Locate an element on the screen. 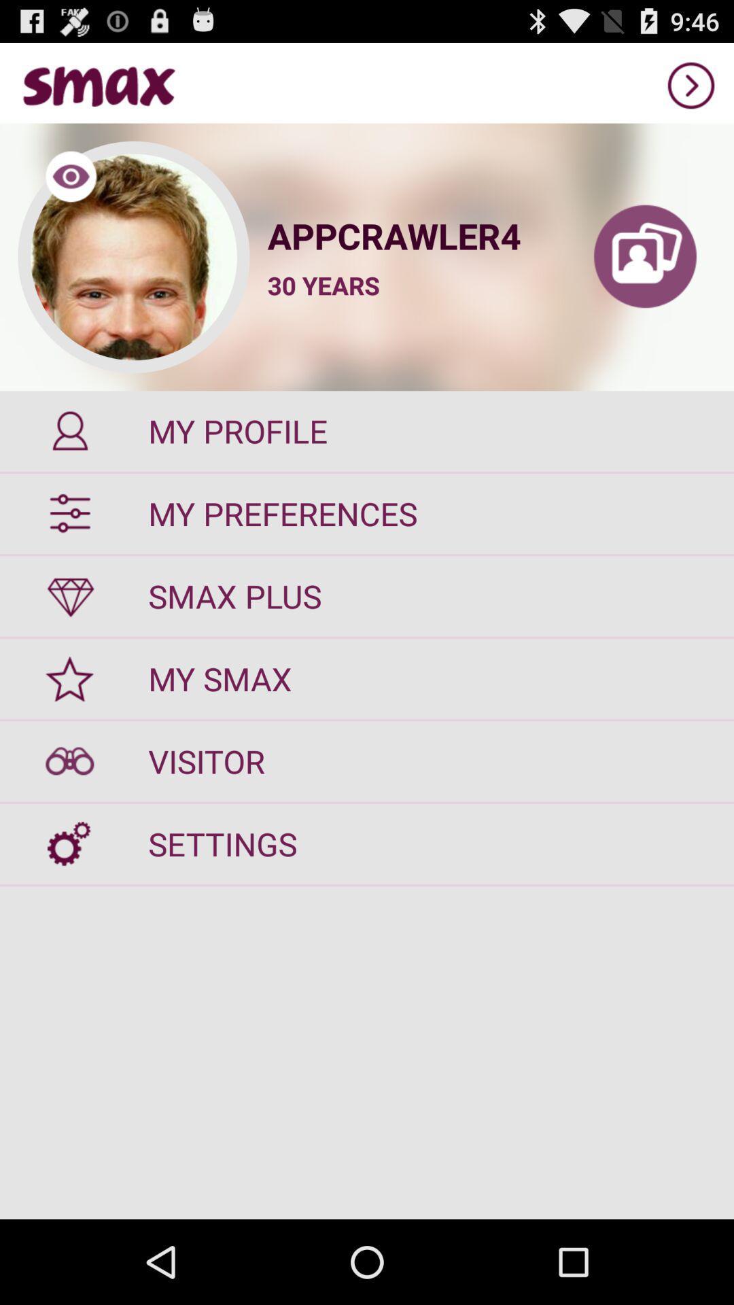  profile is located at coordinates (644, 257).